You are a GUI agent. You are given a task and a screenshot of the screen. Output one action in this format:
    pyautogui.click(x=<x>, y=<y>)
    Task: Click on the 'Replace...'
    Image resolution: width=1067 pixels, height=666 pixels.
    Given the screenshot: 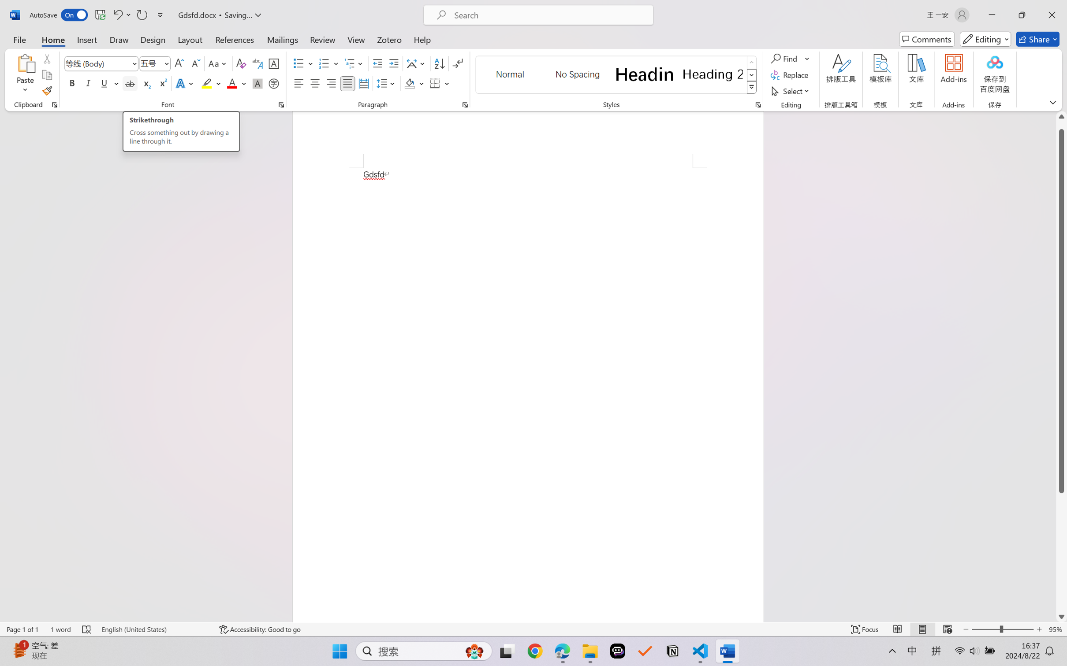 What is the action you would take?
    pyautogui.click(x=790, y=75)
    